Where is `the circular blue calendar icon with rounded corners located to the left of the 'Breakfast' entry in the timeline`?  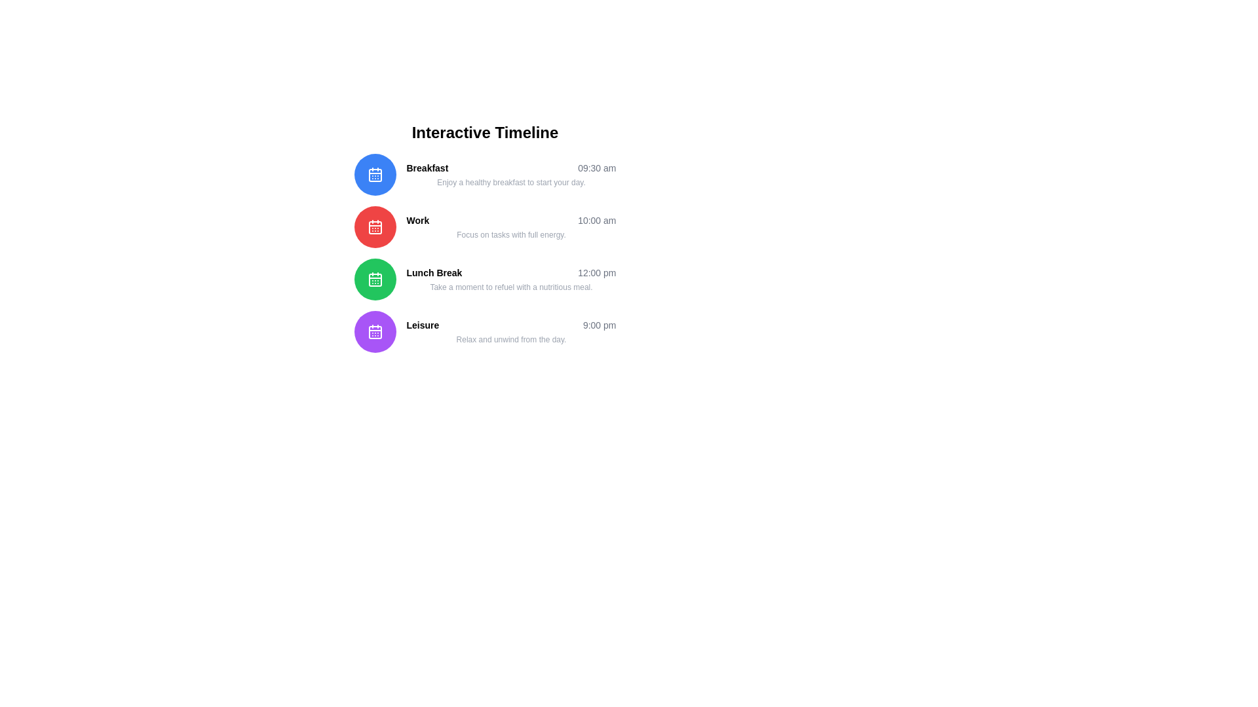 the circular blue calendar icon with rounded corners located to the left of the 'Breakfast' entry in the timeline is located at coordinates (374, 173).